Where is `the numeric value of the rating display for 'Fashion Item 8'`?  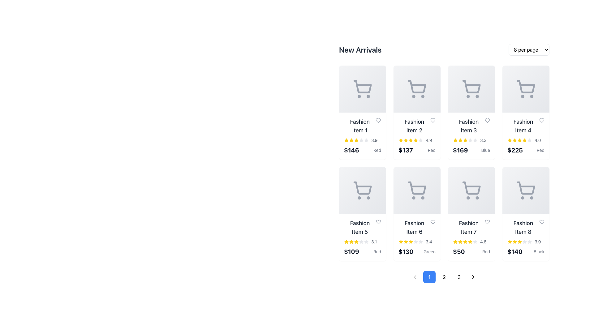 the numeric value of the rating display for 'Fashion Item 8' is located at coordinates (525, 242).